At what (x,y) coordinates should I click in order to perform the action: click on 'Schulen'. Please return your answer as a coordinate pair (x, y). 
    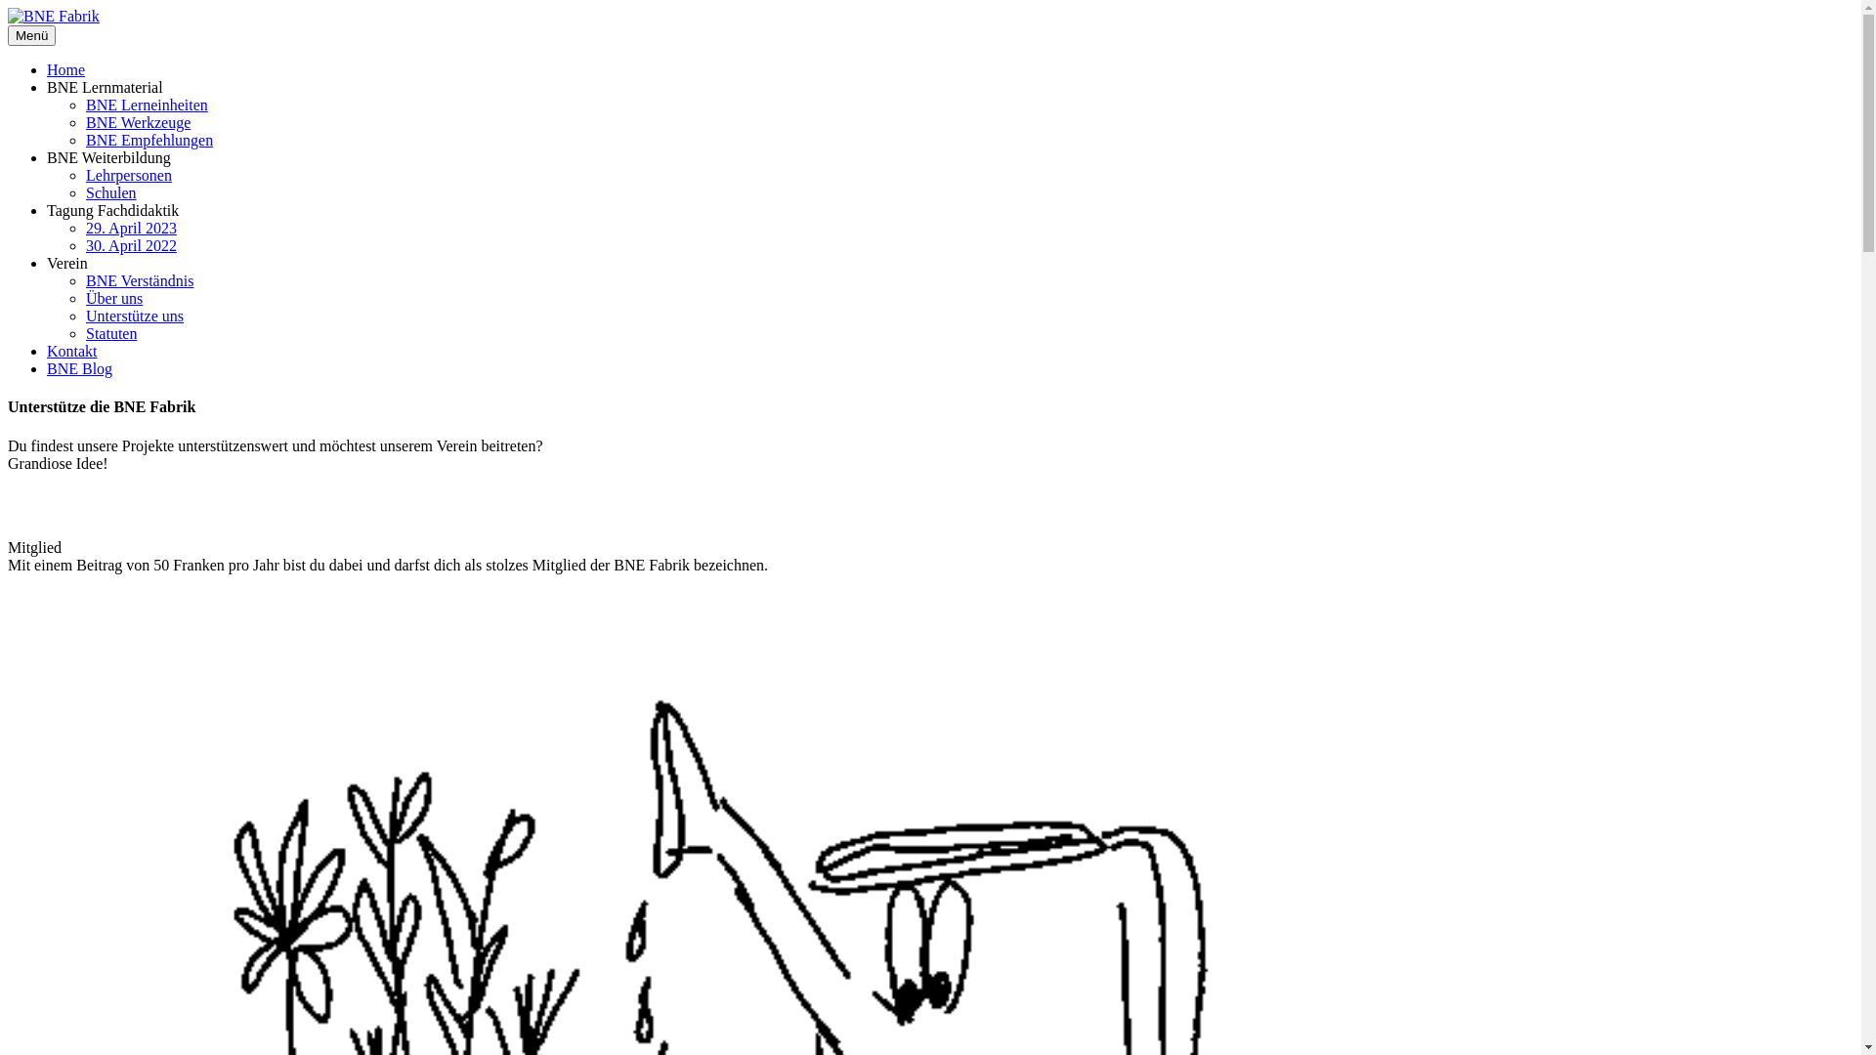
    Looking at the image, I should click on (110, 192).